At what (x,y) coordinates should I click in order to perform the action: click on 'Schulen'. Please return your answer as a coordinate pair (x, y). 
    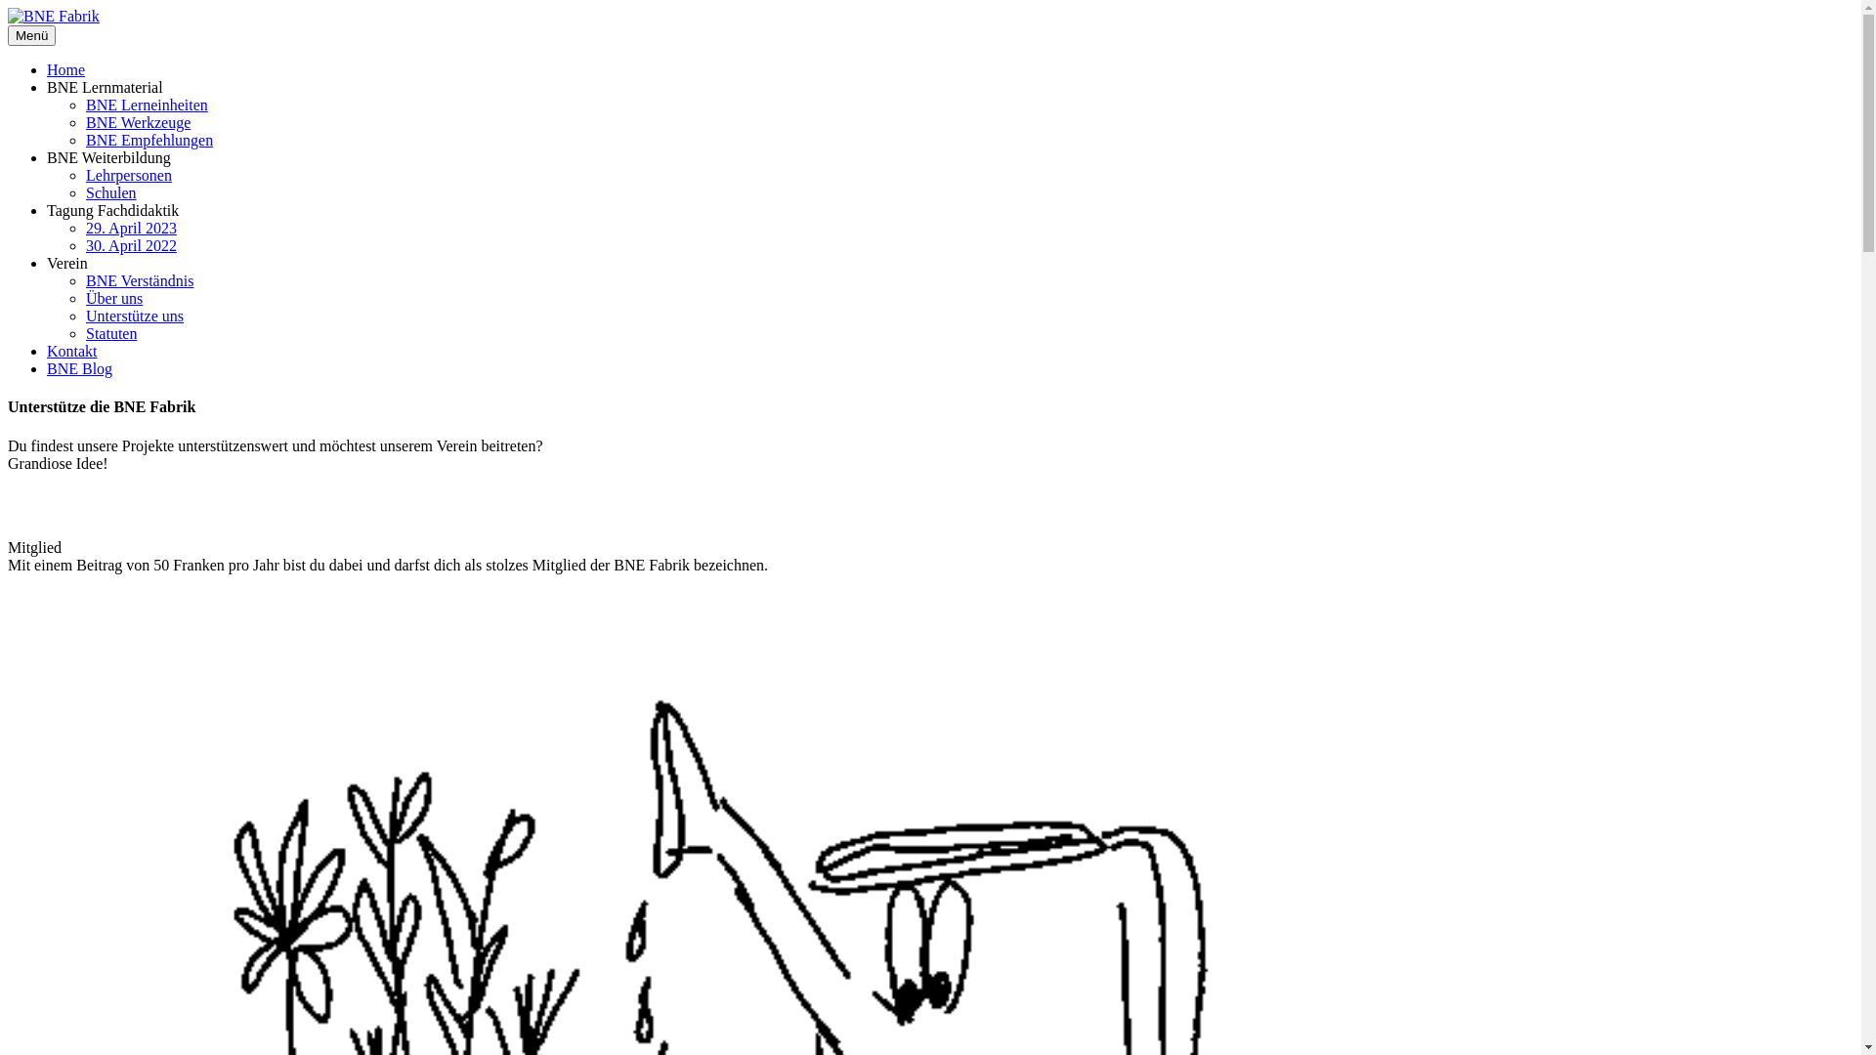
    Looking at the image, I should click on (110, 192).